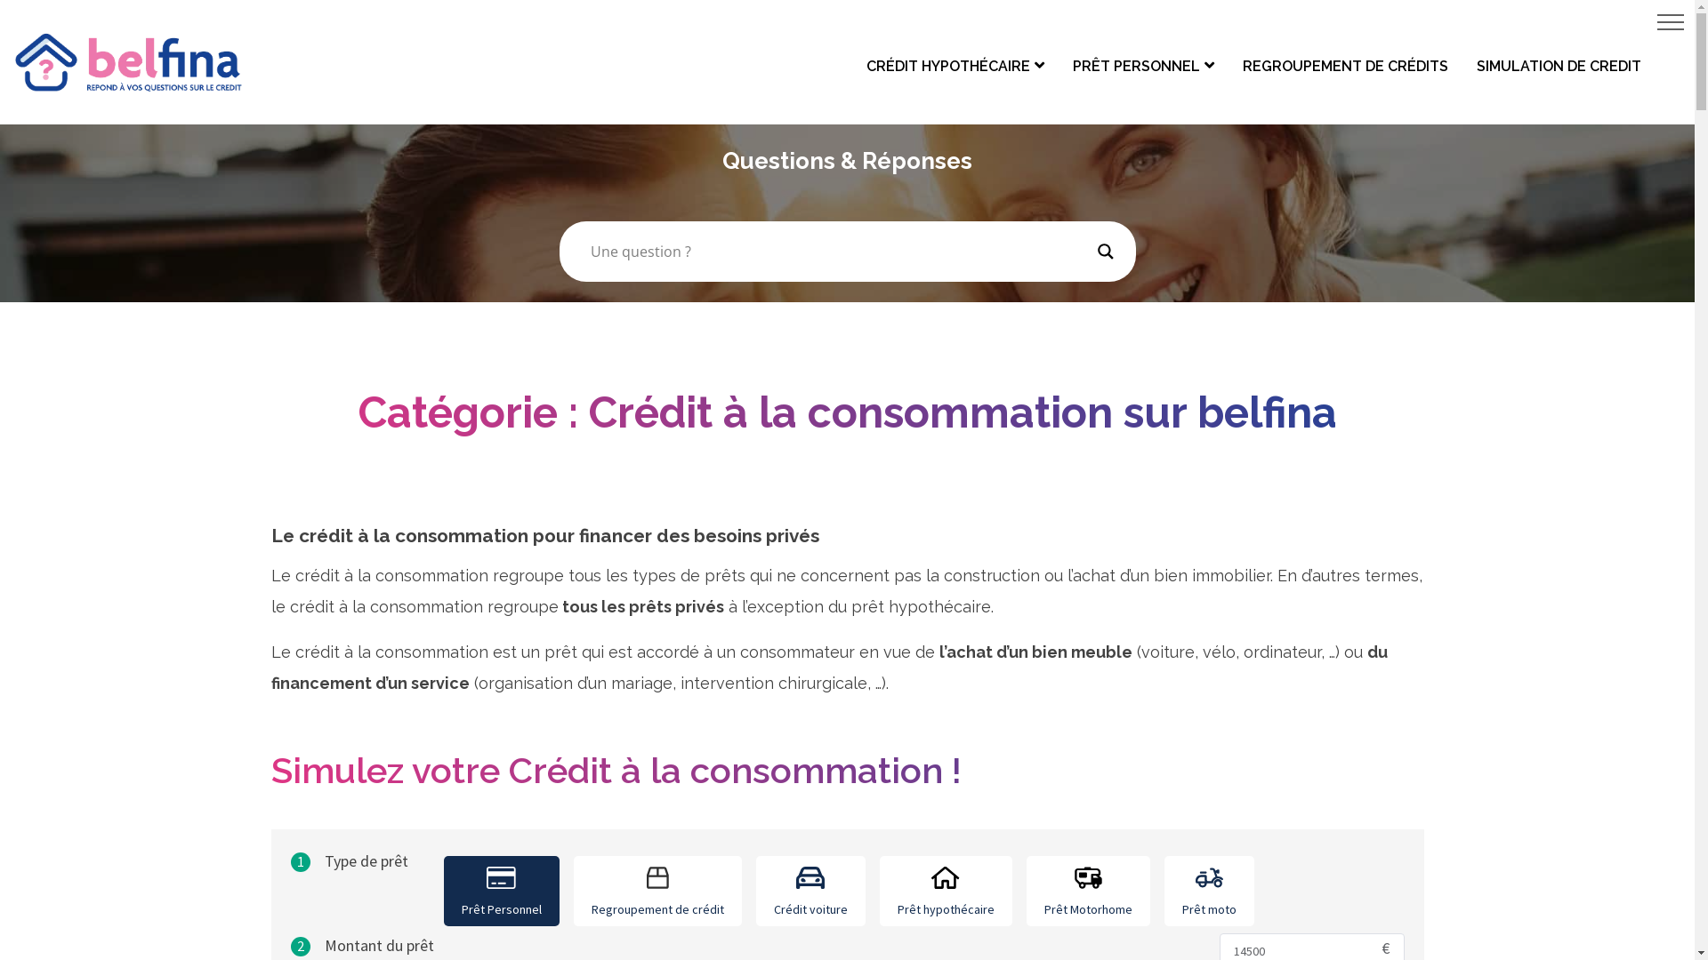 Image resolution: width=1708 pixels, height=960 pixels. What do you see at coordinates (1558, 64) in the screenshot?
I see `'SIMULATION DE CREDIT'` at bounding box center [1558, 64].